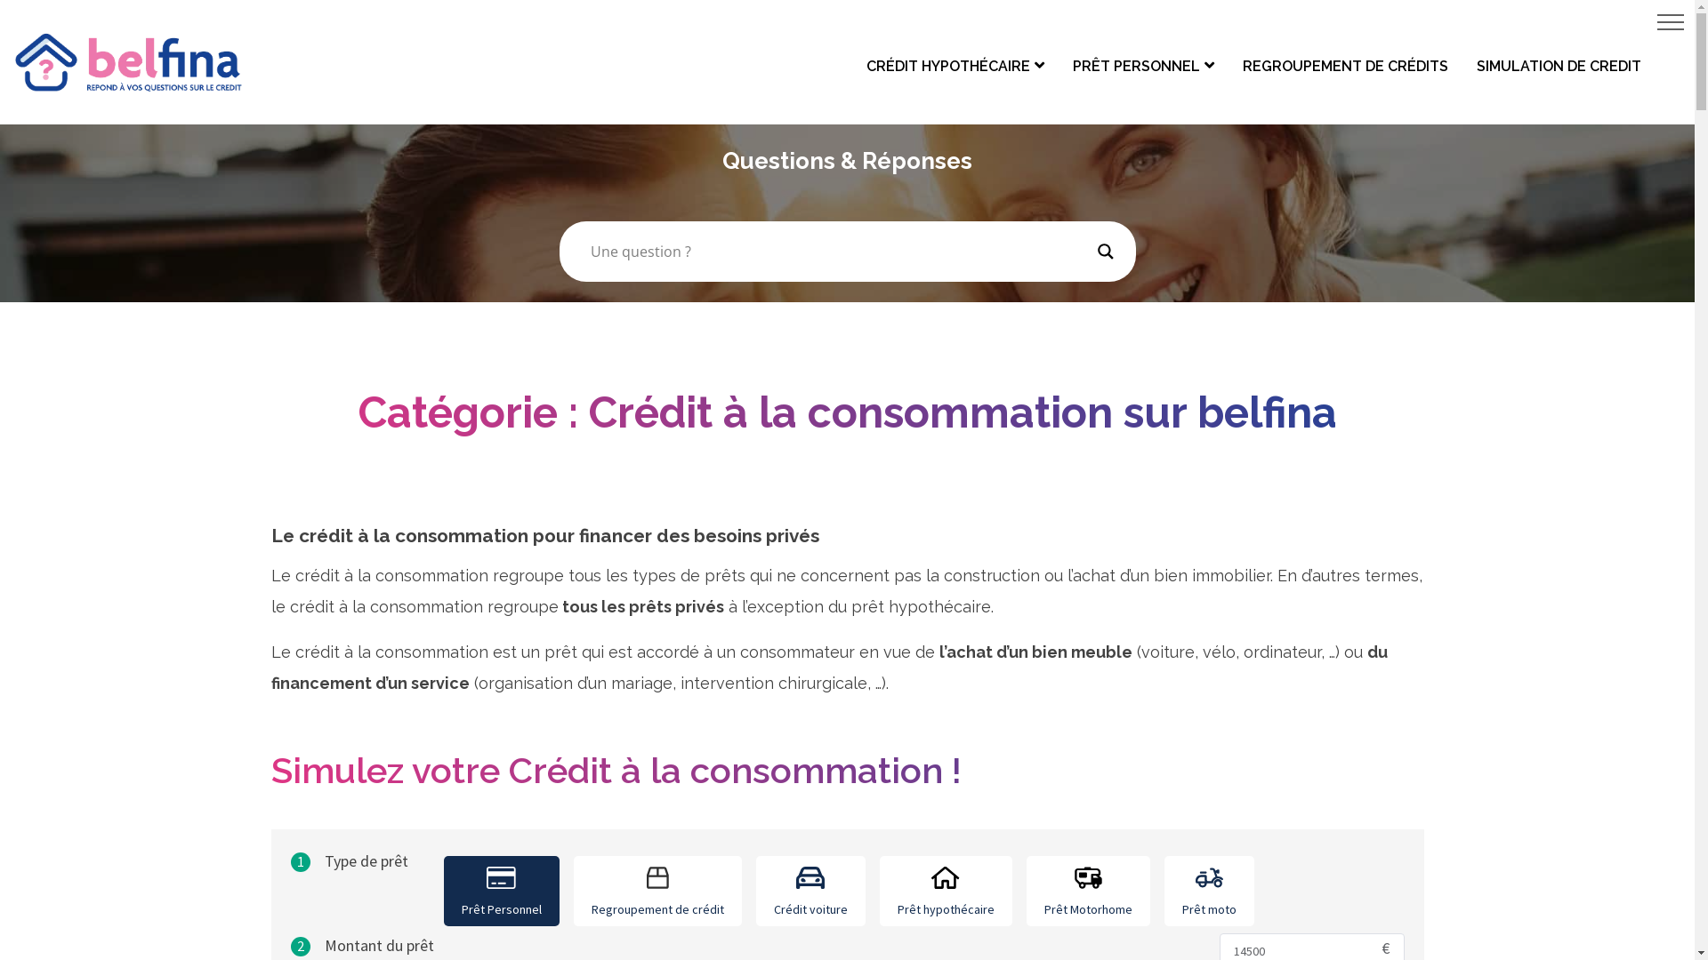 Image resolution: width=1708 pixels, height=960 pixels. What do you see at coordinates (1558, 64) in the screenshot?
I see `'SIMULATION DE CREDIT'` at bounding box center [1558, 64].